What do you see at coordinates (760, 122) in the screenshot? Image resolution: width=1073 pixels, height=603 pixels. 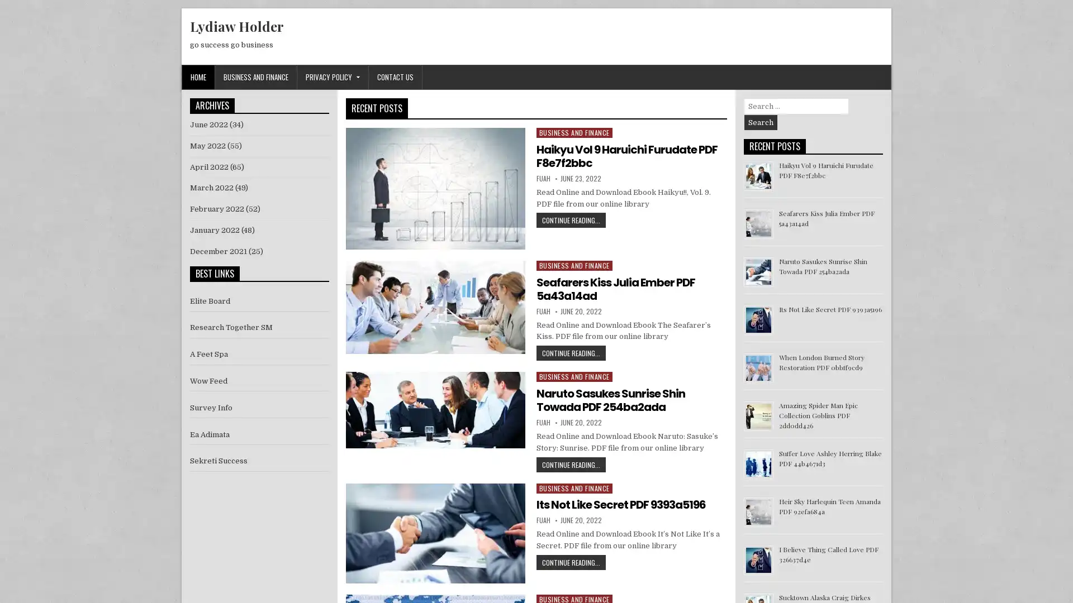 I see `Search` at bounding box center [760, 122].